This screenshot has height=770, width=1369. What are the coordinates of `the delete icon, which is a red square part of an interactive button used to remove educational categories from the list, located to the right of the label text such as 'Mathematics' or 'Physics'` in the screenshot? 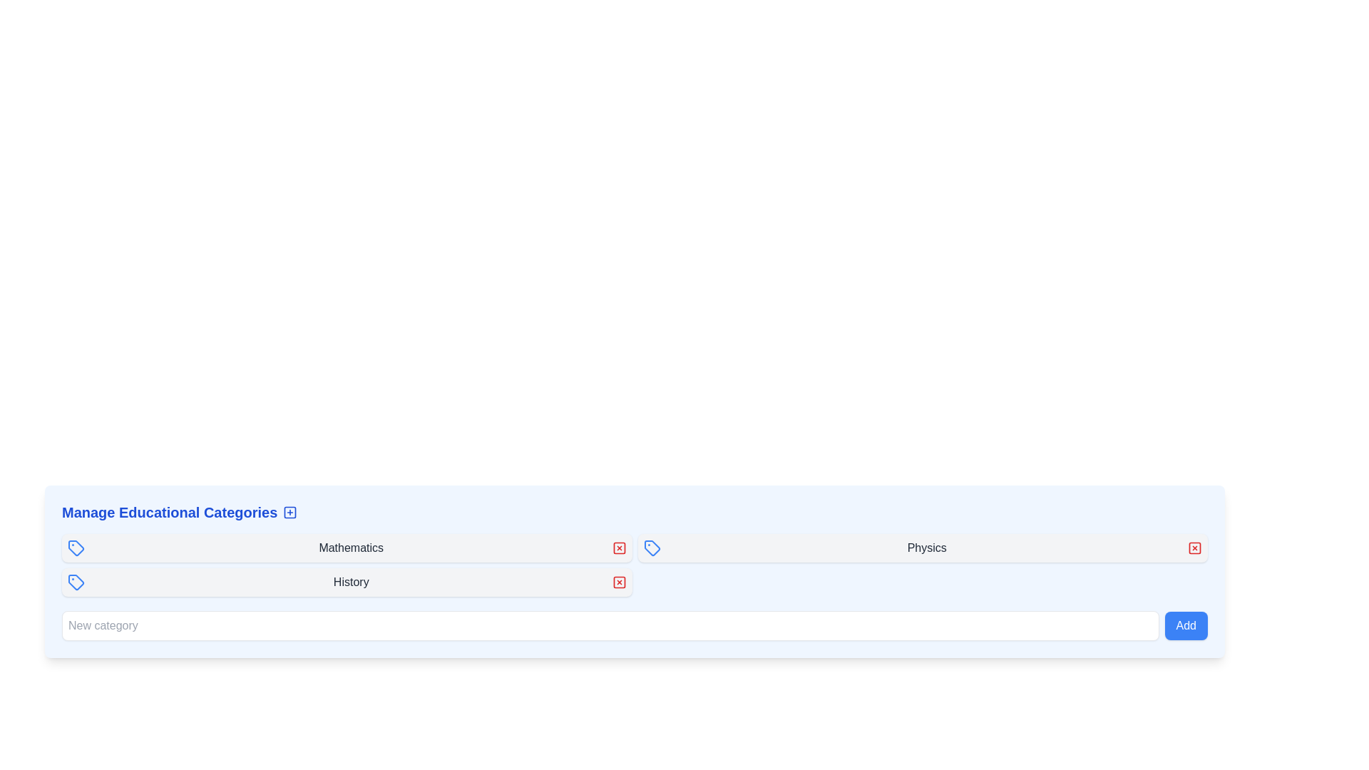 It's located at (619, 582).